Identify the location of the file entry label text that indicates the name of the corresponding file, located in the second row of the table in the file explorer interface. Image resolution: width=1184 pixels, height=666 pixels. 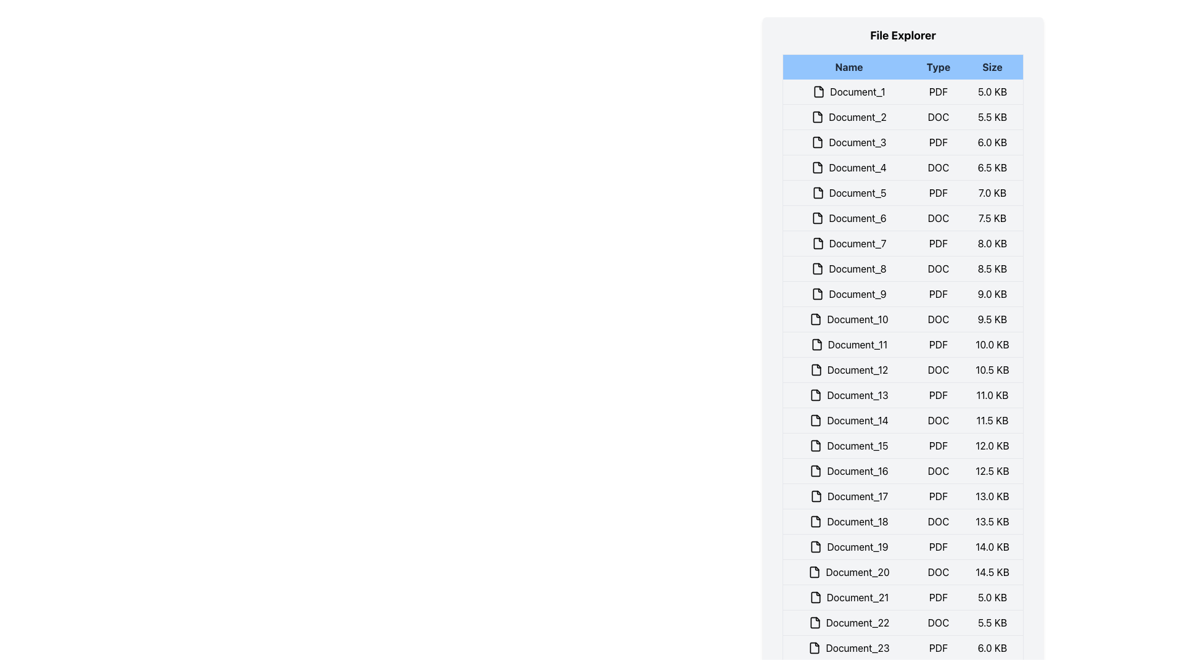
(849, 117).